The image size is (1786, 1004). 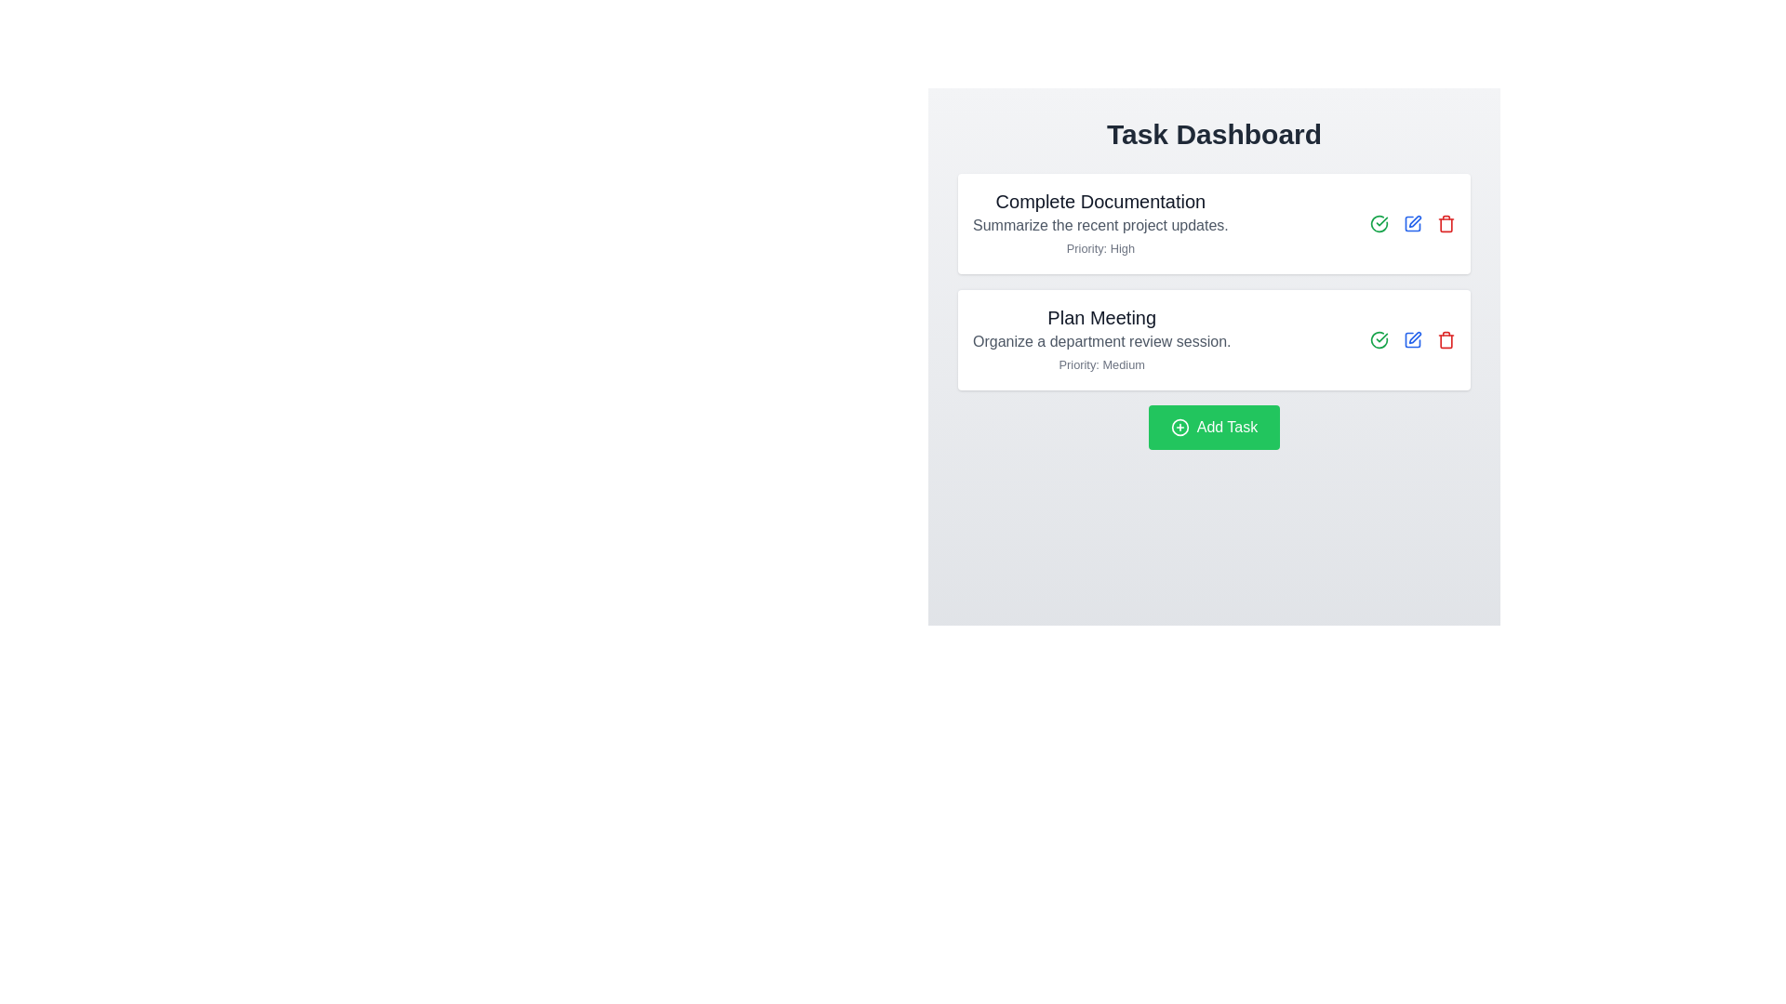 What do you see at coordinates (1100, 225) in the screenshot?
I see `the static label that provides context for the task 'Complete Documentation', located below the title and above the priority label` at bounding box center [1100, 225].